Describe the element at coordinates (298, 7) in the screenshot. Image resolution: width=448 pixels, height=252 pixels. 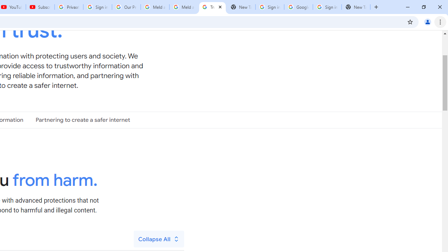
I see `'Google Cybersecurity Innovations - Google Safety Center'` at that location.